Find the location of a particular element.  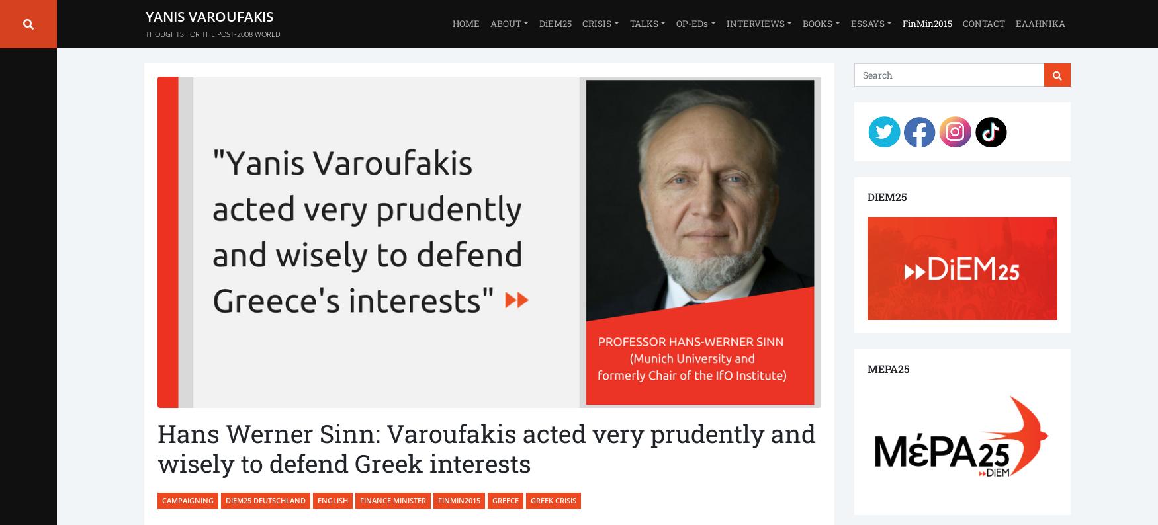

'Finance Minister' is located at coordinates (392, 500).